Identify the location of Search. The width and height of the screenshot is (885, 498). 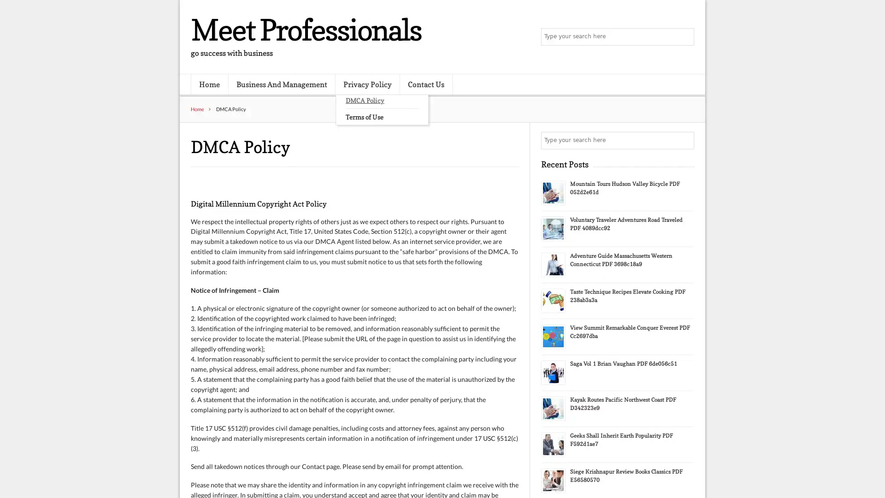
(684, 37).